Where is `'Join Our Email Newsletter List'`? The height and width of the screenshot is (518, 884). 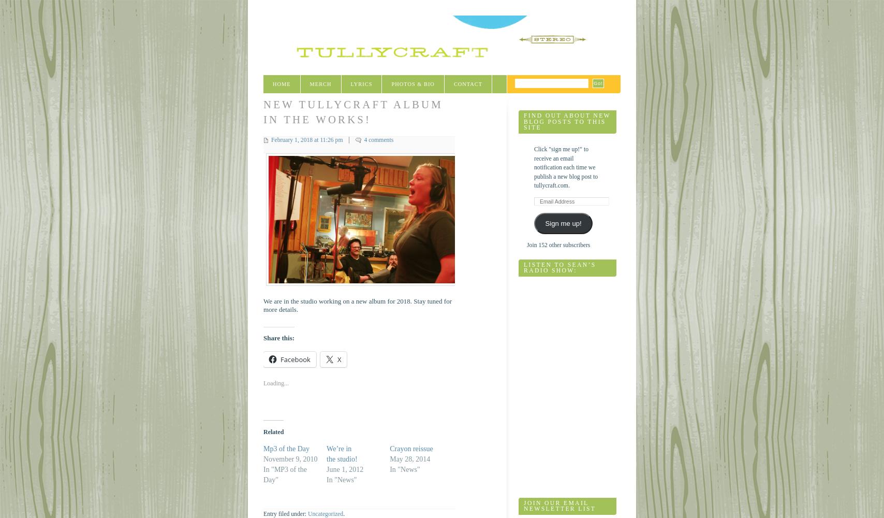 'Join Our Email Newsletter List' is located at coordinates (559, 505).